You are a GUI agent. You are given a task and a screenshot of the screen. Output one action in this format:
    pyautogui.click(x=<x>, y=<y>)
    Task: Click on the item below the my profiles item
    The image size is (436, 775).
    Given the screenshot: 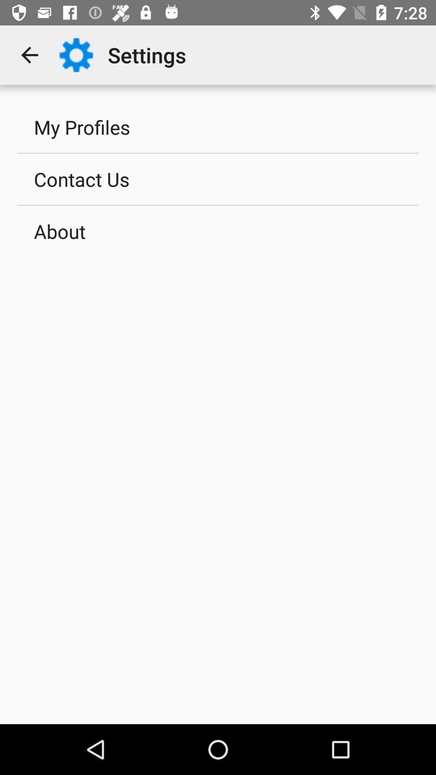 What is the action you would take?
    pyautogui.click(x=218, y=178)
    